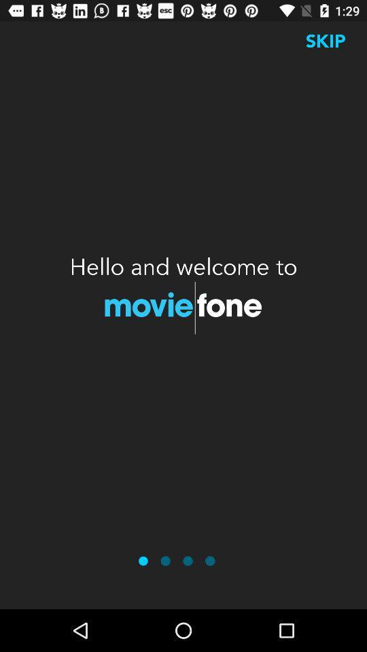 The width and height of the screenshot is (367, 652). I want to click on the icon above hello and welcome icon, so click(325, 40).